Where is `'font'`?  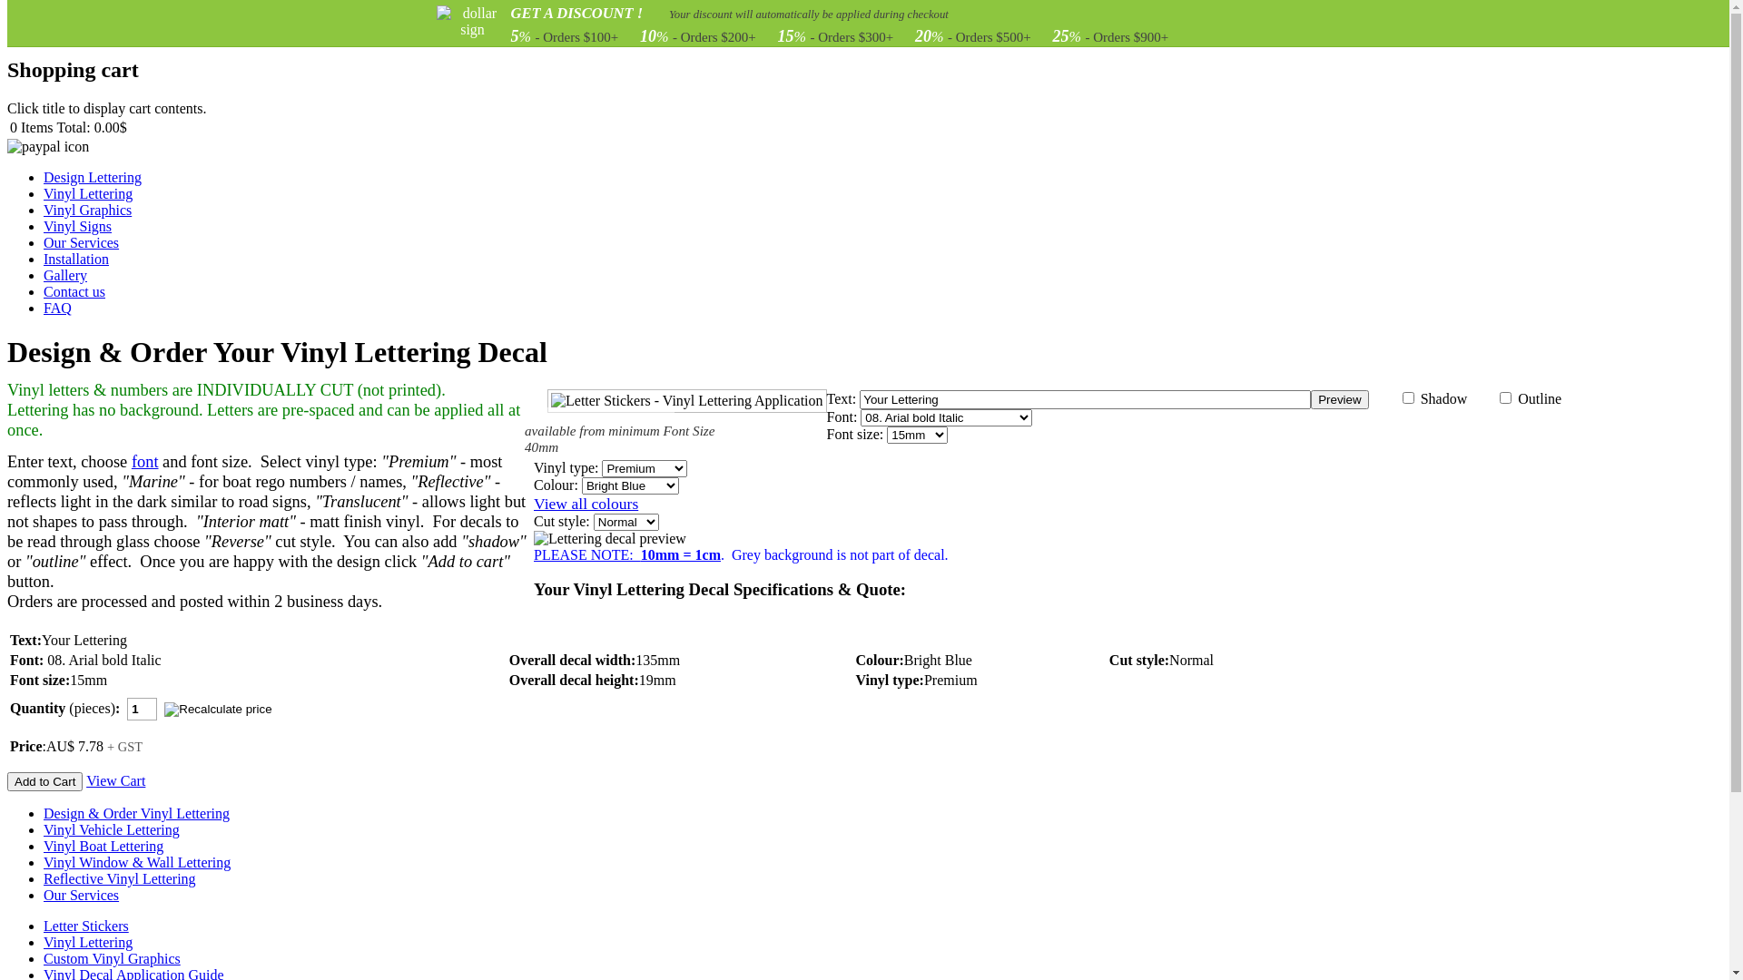 'font' is located at coordinates (143, 461).